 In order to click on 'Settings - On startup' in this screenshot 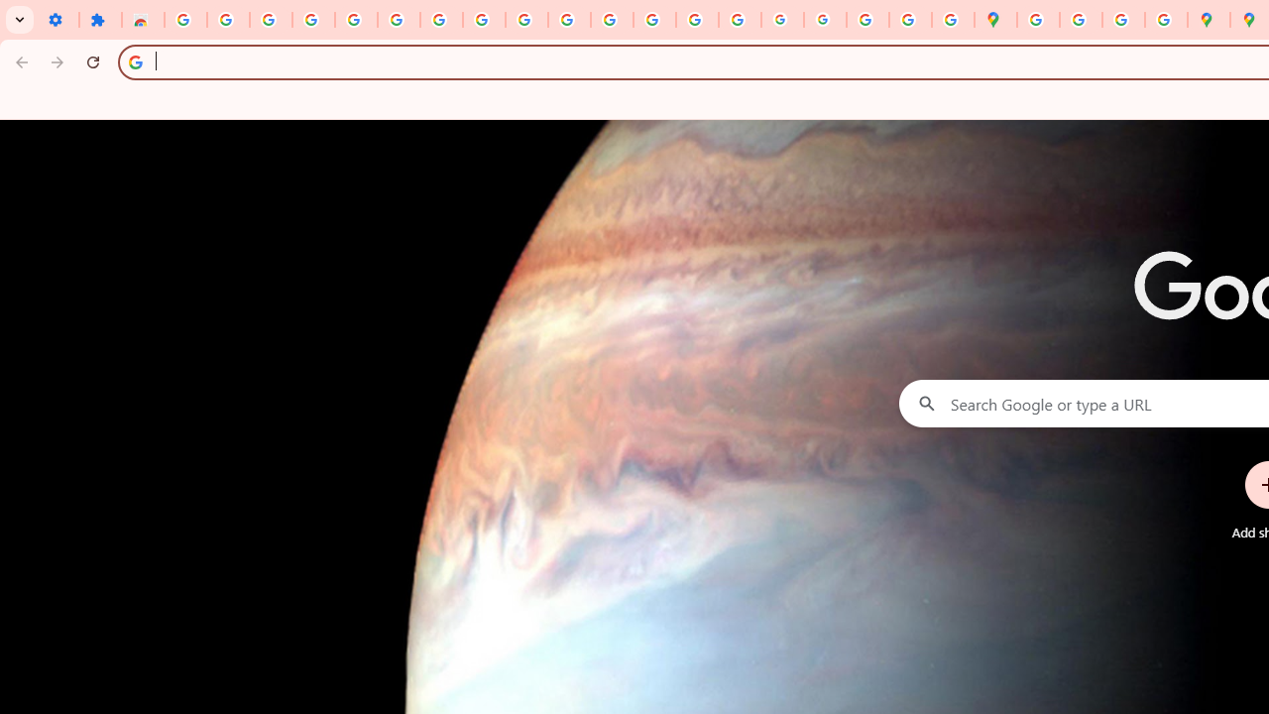, I will do `click(58, 20)`.